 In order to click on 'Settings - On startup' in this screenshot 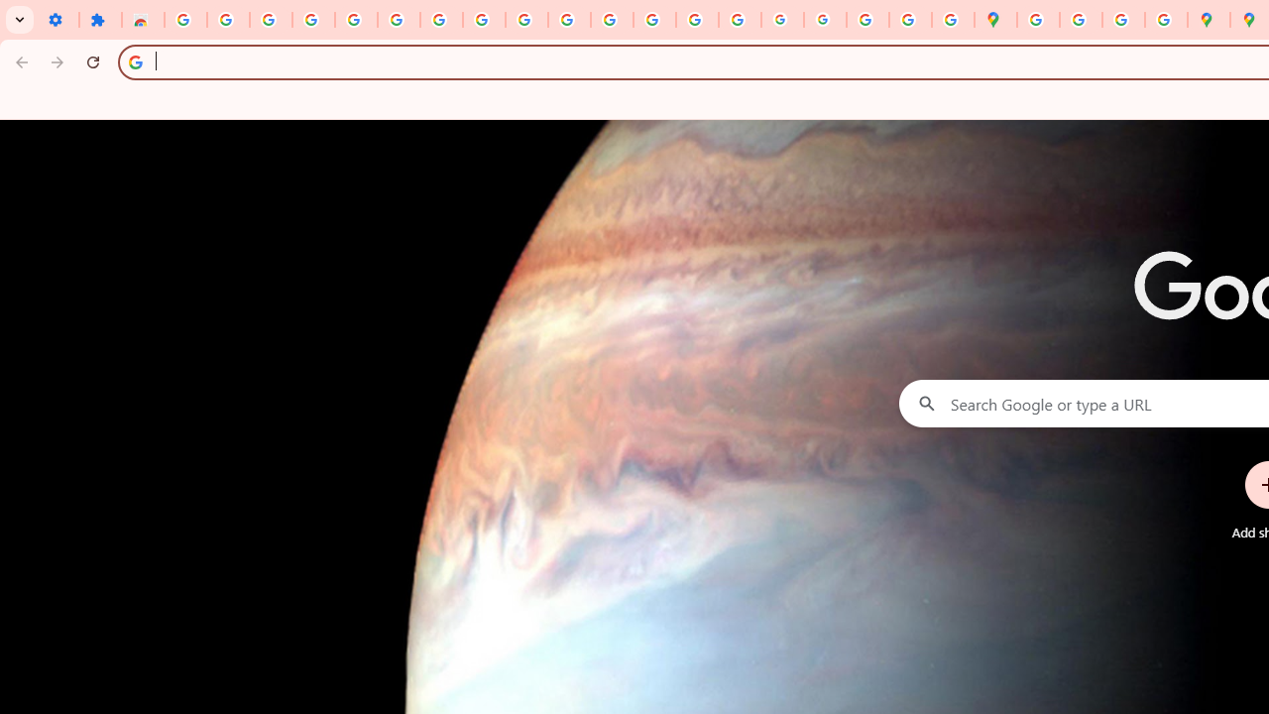, I will do `click(58, 20)`.